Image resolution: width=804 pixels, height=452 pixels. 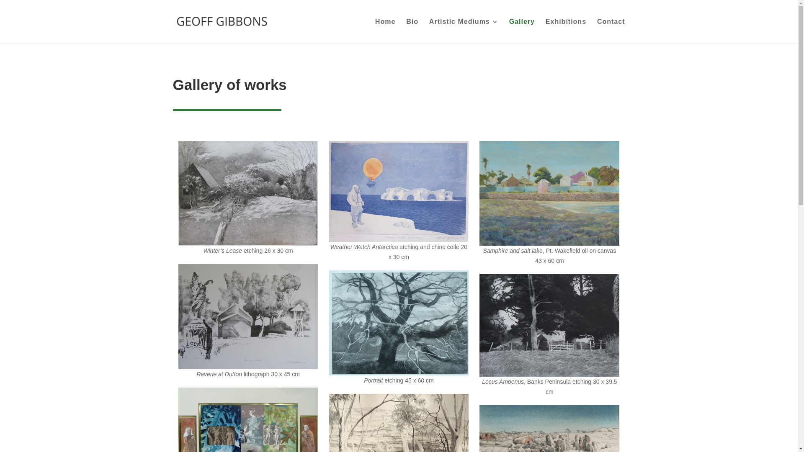 What do you see at coordinates (412, 31) in the screenshot?
I see `'Bio'` at bounding box center [412, 31].